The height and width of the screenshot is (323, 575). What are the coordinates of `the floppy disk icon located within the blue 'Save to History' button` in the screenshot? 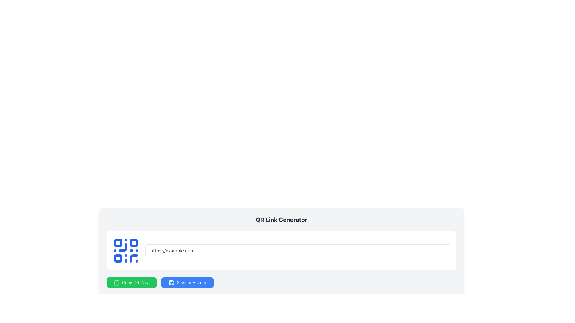 It's located at (171, 283).